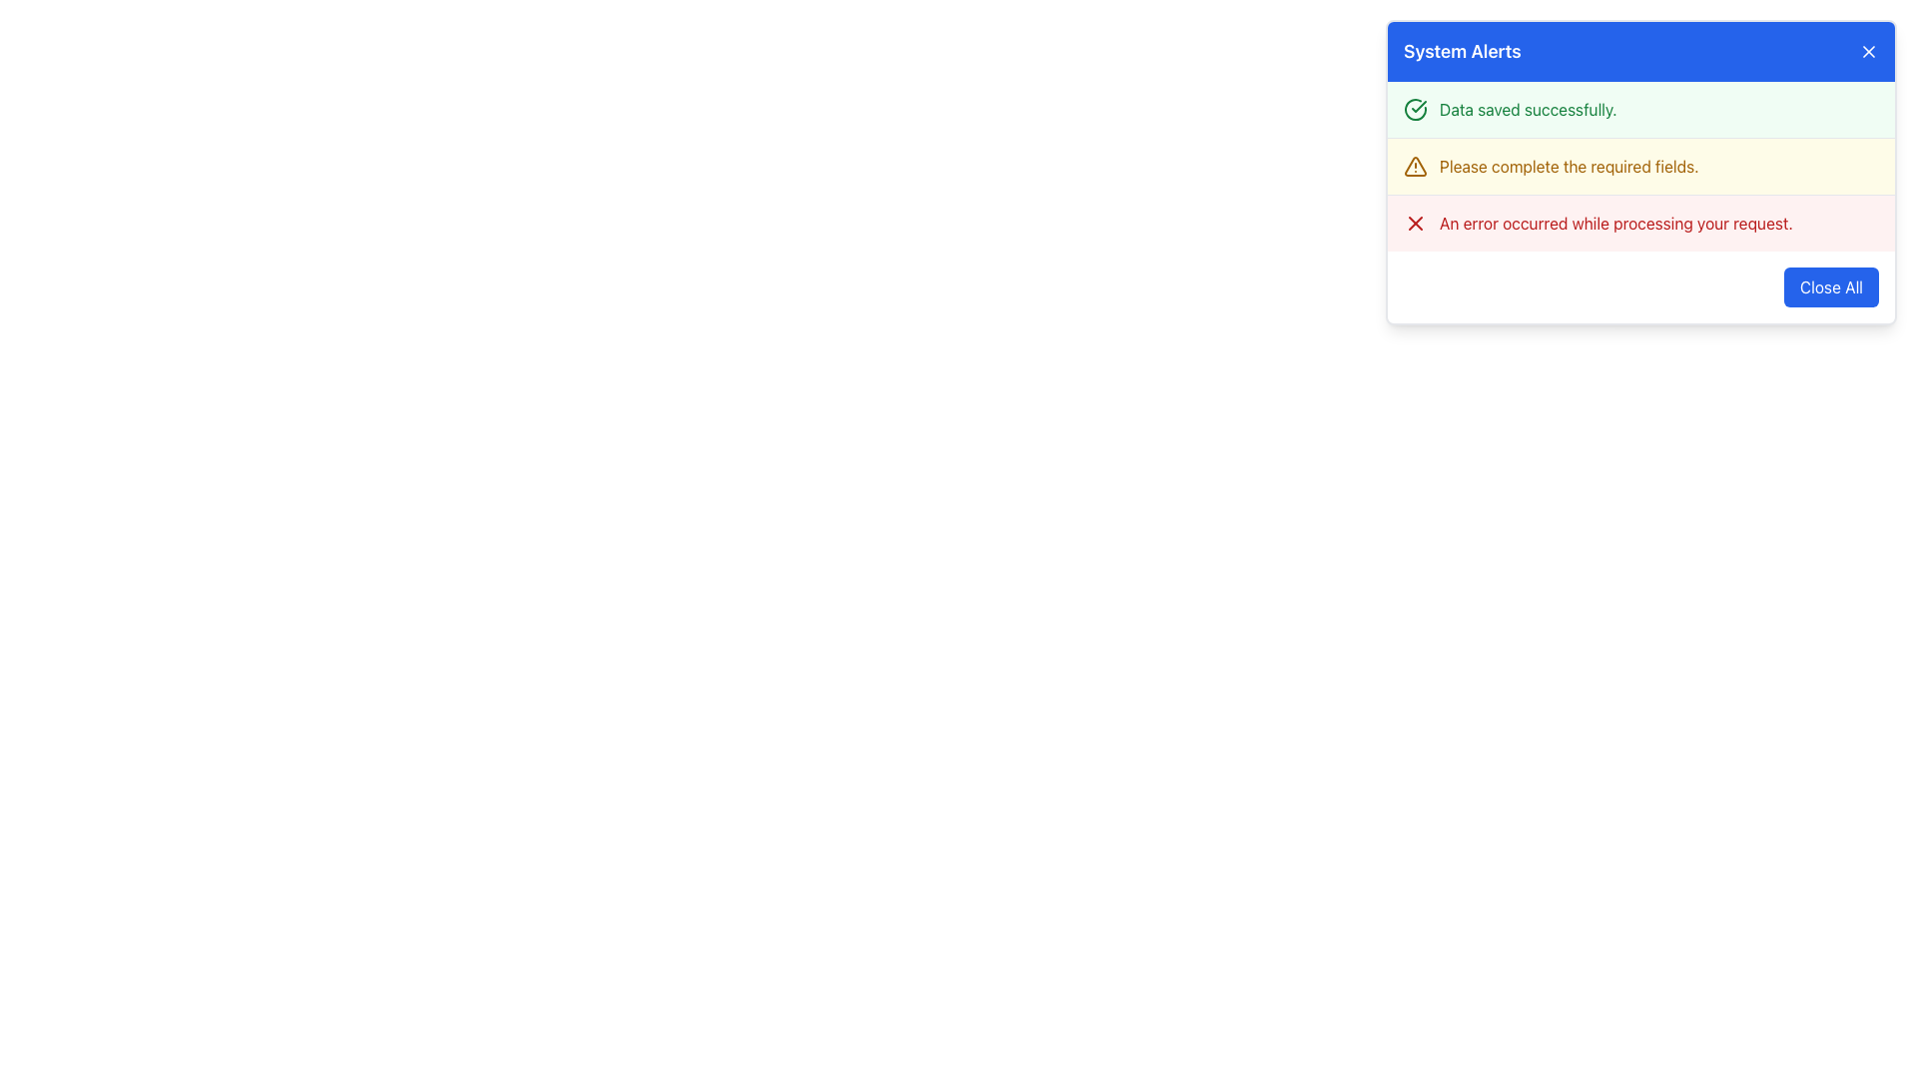 Image resolution: width=1917 pixels, height=1078 pixels. What do you see at coordinates (1640, 110) in the screenshot?
I see `message from the Notification banner indicating that the user's data has been successfully saved, which is the first item in the list of notification alerts` at bounding box center [1640, 110].